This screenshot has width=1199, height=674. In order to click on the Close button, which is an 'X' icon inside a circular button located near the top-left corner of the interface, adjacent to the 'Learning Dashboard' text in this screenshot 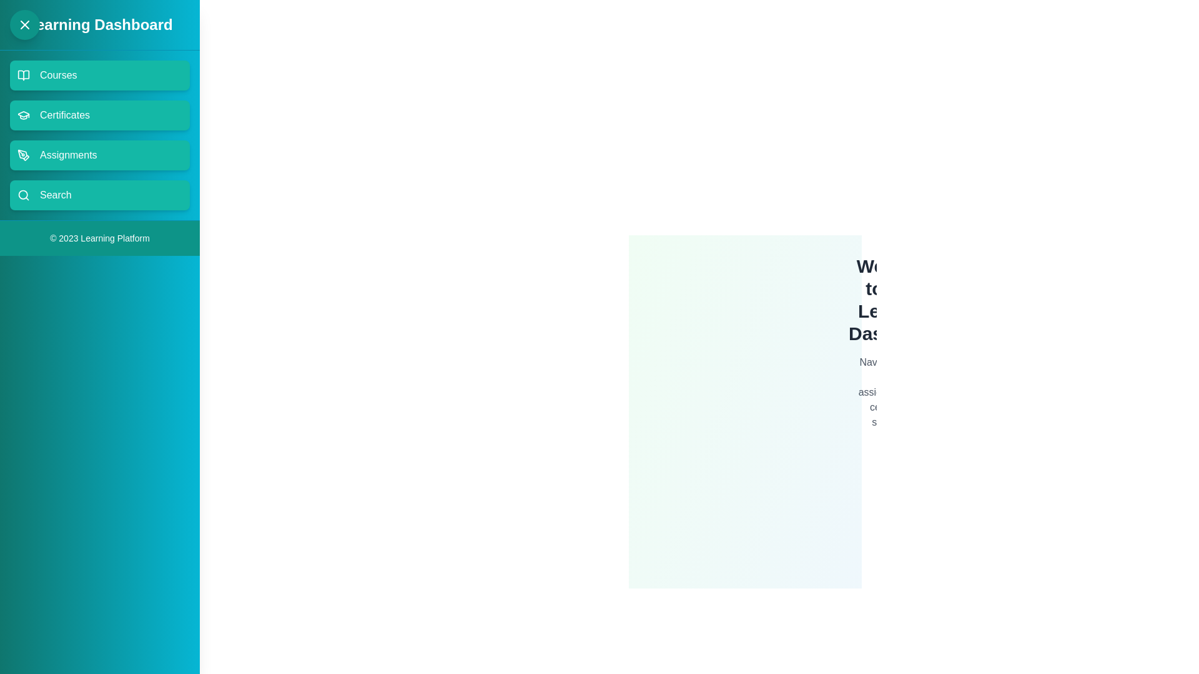, I will do `click(24, 24)`.